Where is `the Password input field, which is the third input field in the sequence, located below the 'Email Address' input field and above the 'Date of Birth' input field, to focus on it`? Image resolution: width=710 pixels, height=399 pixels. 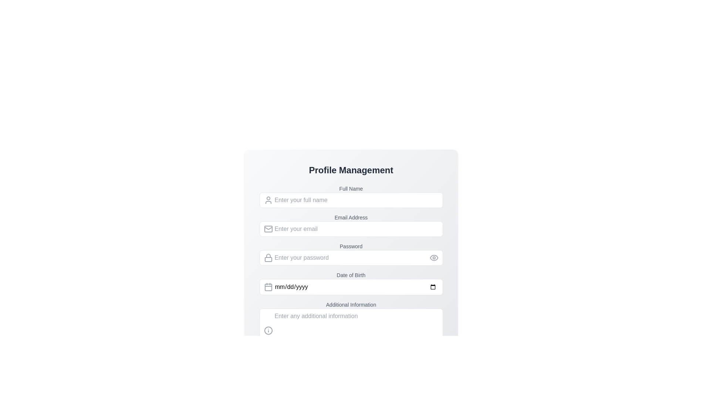 the Password input field, which is the third input field in the sequence, located below the 'Email Address' input field and above the 'Date of Birth' input field, to focus on it is located at coordinates (351, 253).